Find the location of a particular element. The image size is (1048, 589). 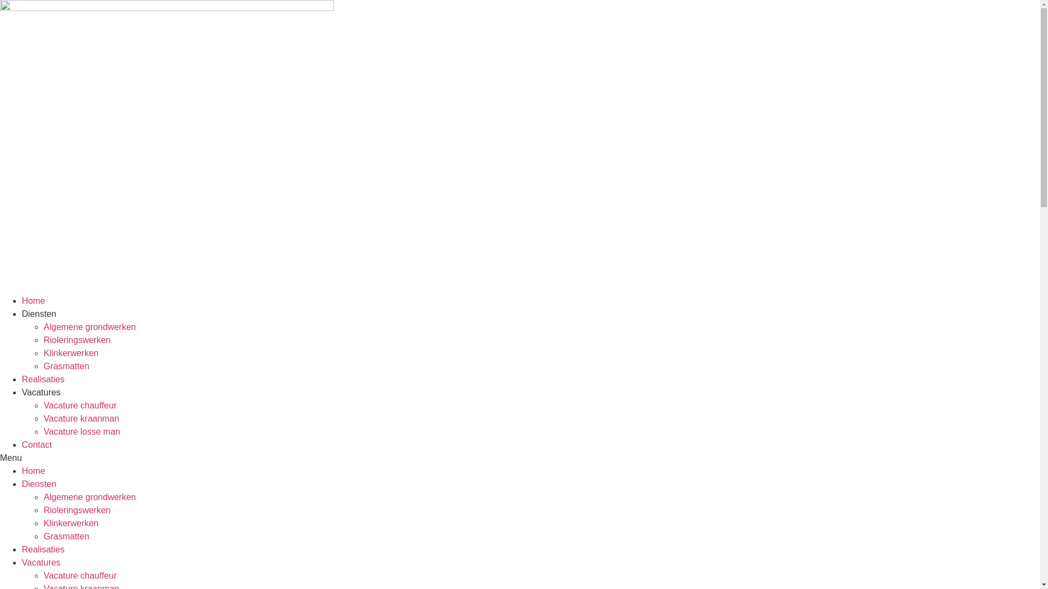

'Contact' is located at coordinates (21, 444).